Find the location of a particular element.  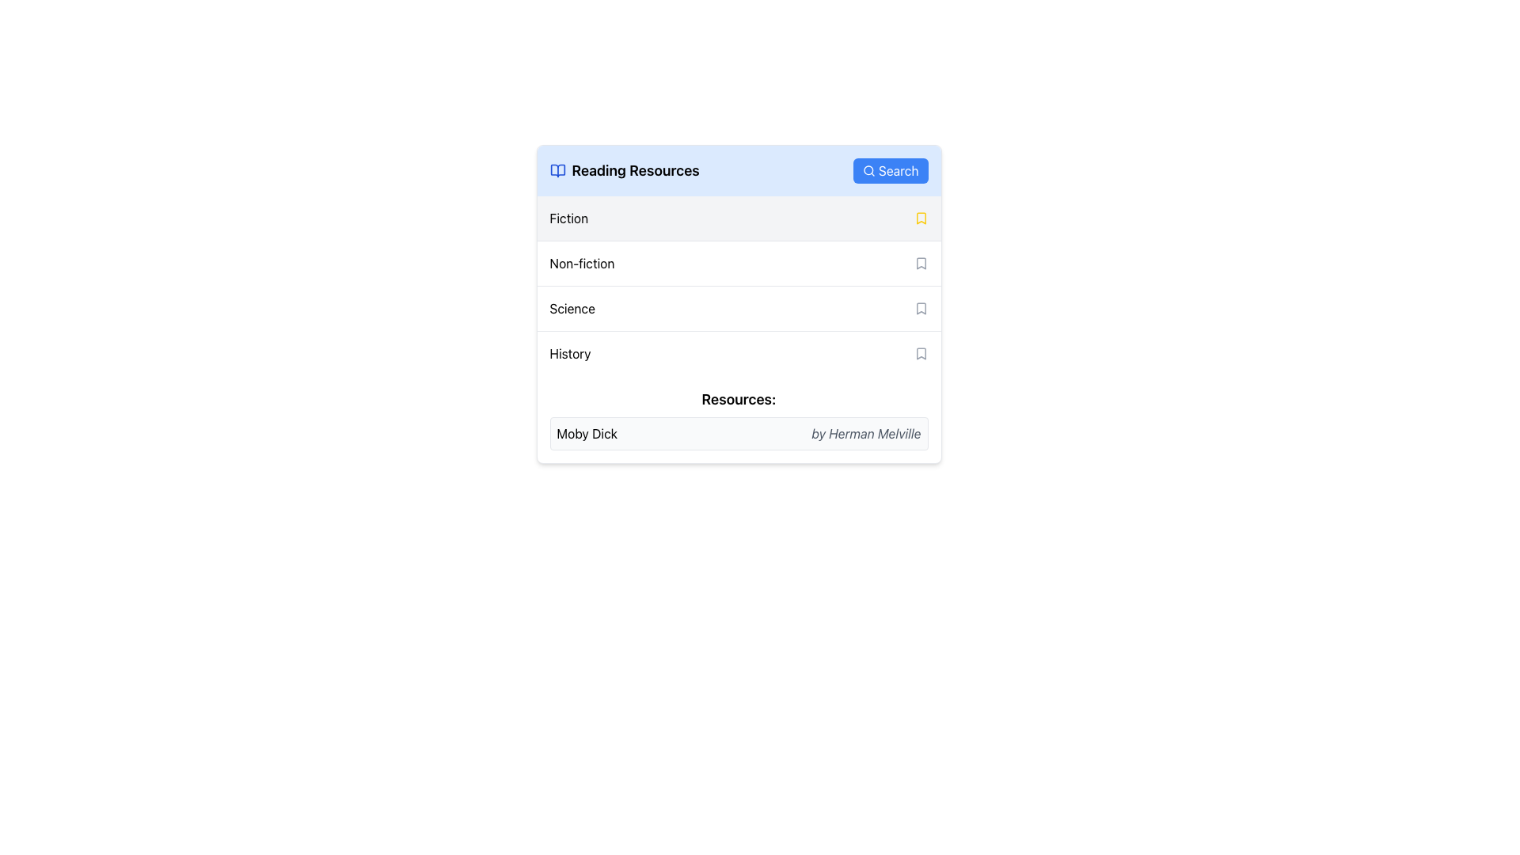

text label indicating the purpose of the search button in the top-right corner of the 'Reading Resources' panel is located at coordinates (899, 171).